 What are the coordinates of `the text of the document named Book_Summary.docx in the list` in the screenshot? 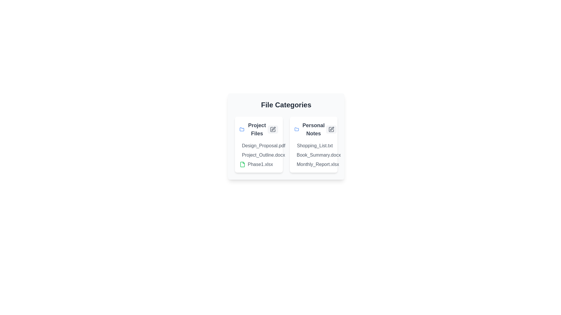 It's located at (294, 155).